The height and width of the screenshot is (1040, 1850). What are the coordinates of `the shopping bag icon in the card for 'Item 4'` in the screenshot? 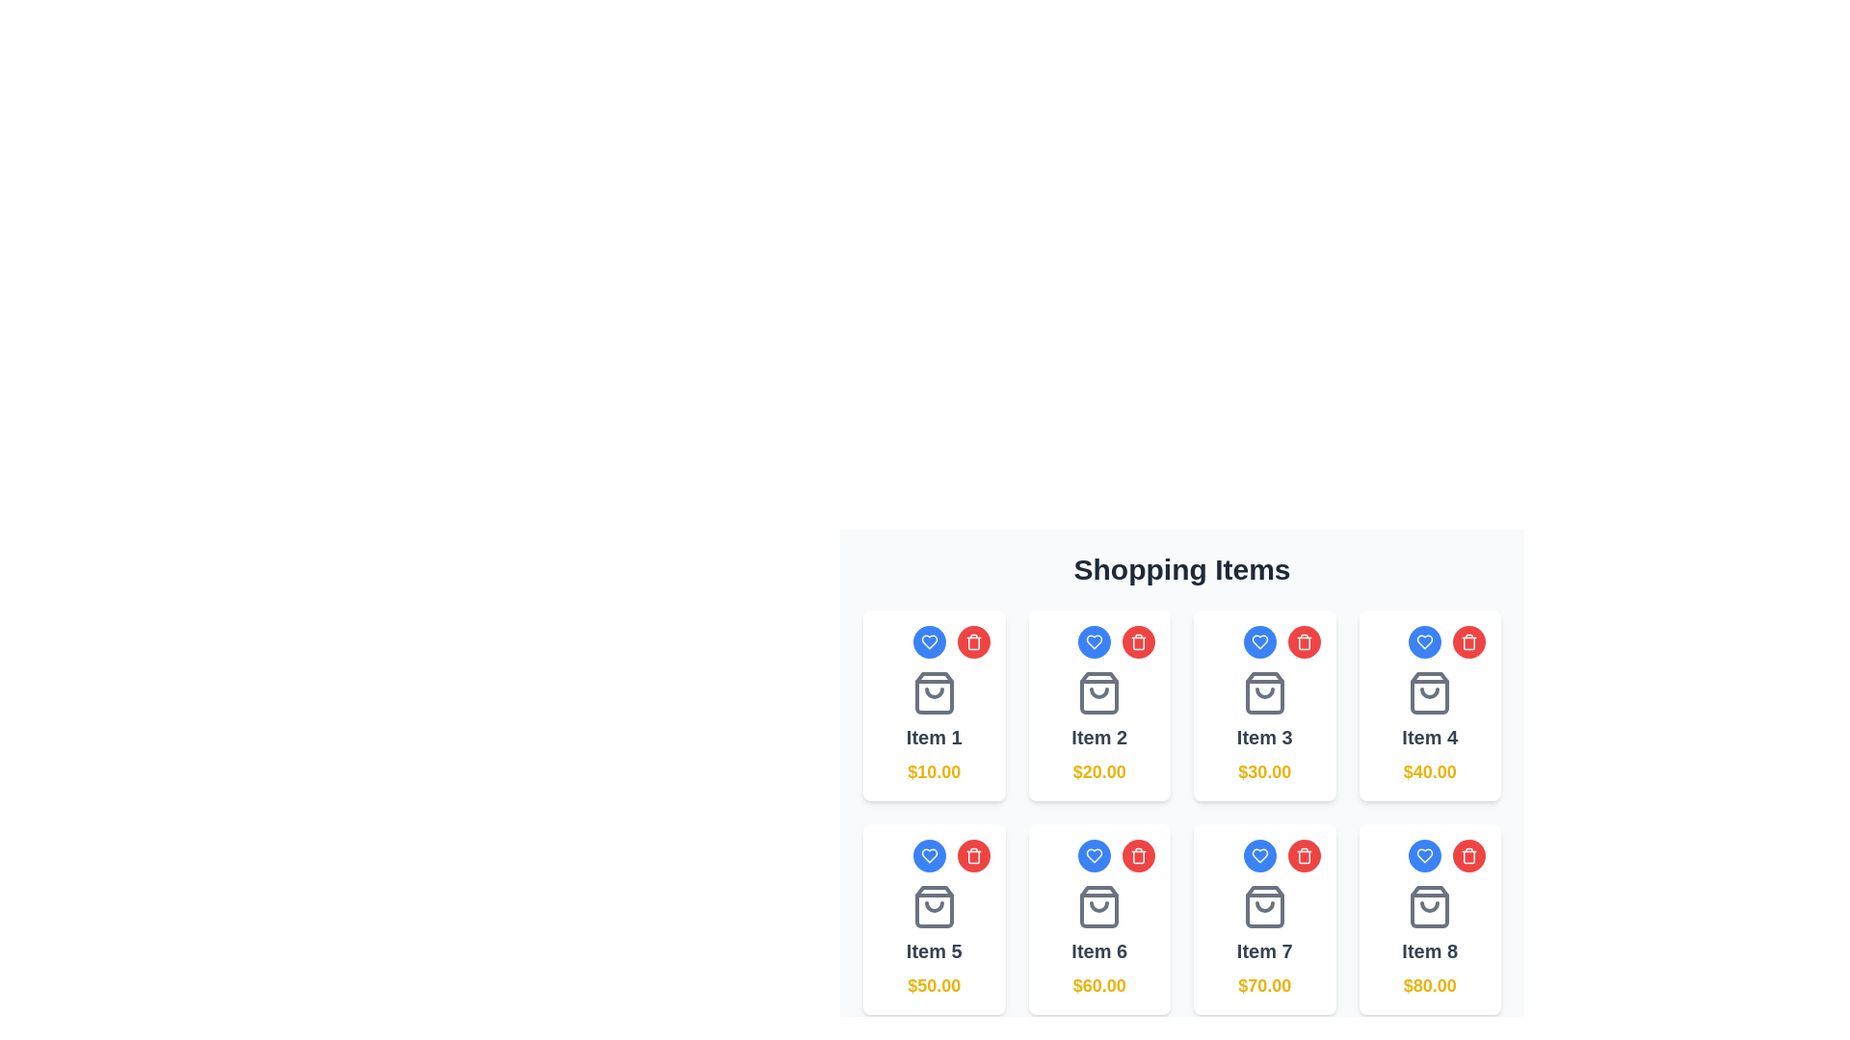 It's located at (1430, 693).